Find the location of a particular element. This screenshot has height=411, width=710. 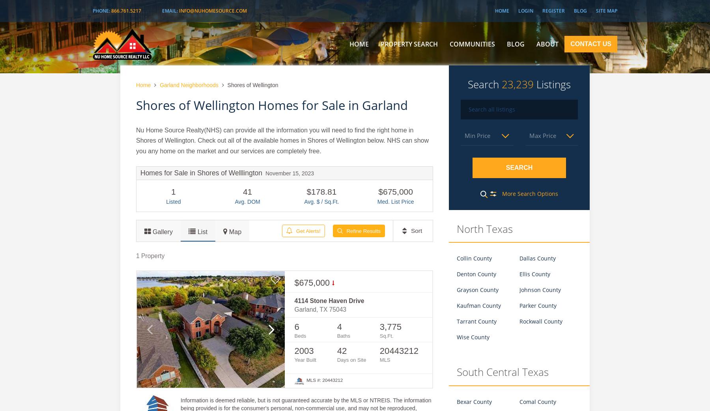

'Featured Listings' is located at coordinates (405, 74).